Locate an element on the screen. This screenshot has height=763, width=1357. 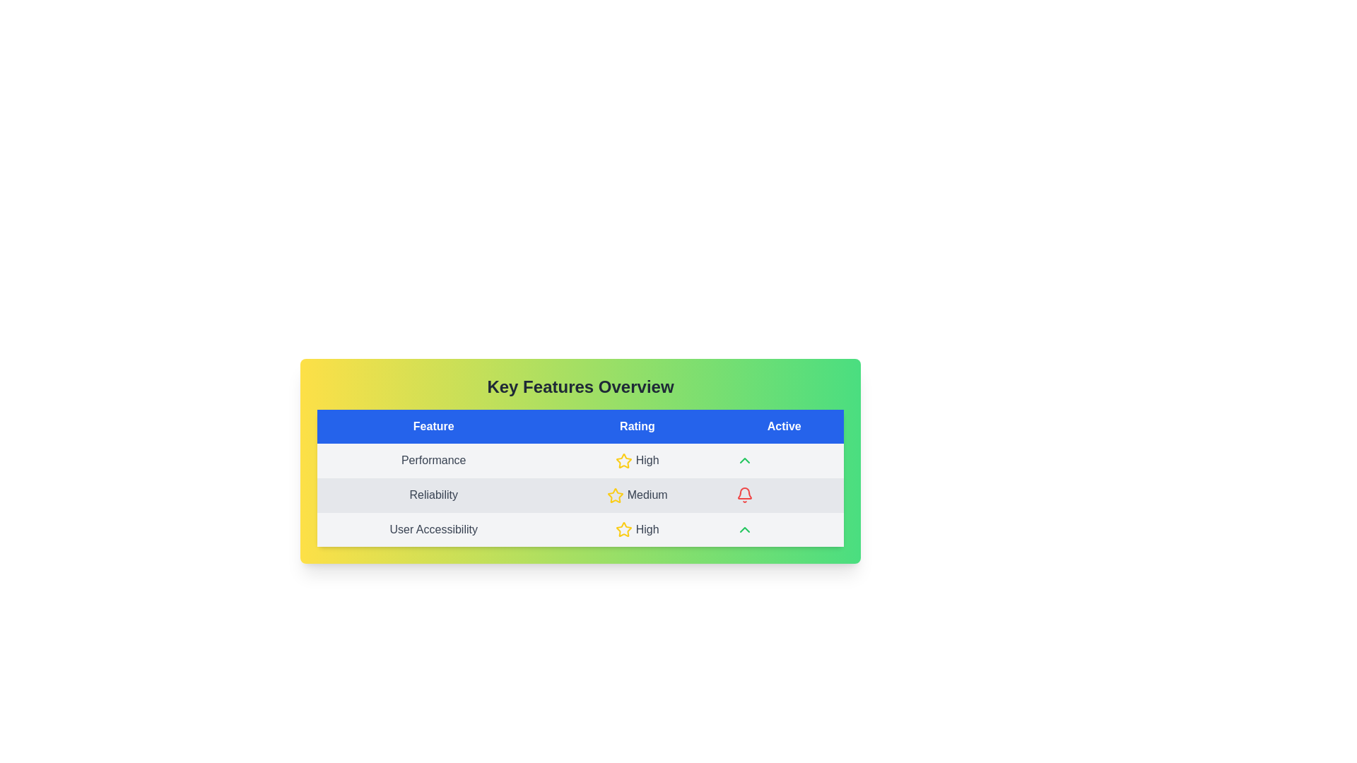
the 'High' performance rating text label in the second column of the first row under the 'Rating' header is located at coordinates (637, 461).